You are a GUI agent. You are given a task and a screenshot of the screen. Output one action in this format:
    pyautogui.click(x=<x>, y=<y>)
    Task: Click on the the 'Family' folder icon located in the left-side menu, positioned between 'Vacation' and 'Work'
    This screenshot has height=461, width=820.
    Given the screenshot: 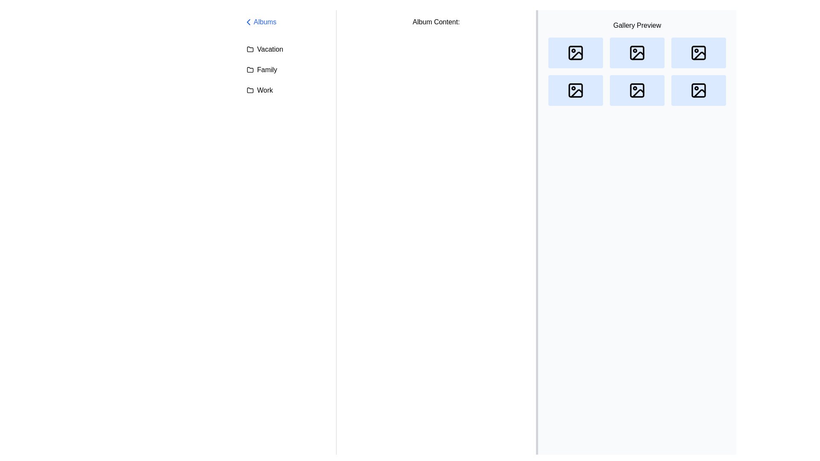 What is the action you would take?
    pyautogui.click(x=249, y=69)
    